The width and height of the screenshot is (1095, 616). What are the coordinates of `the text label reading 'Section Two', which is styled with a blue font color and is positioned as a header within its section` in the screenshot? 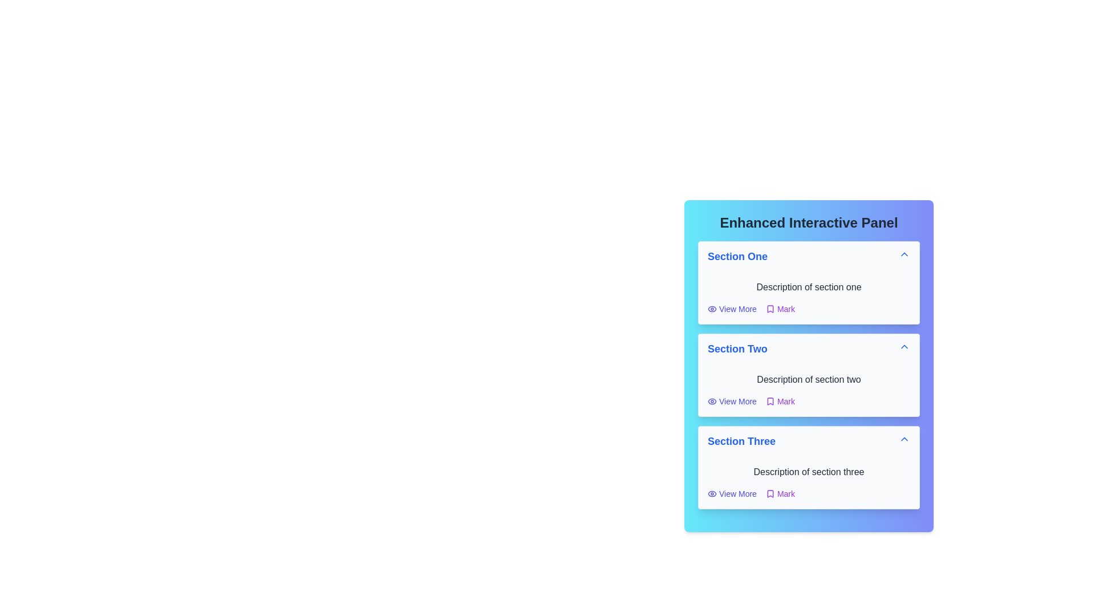 It's located at (737, 348).